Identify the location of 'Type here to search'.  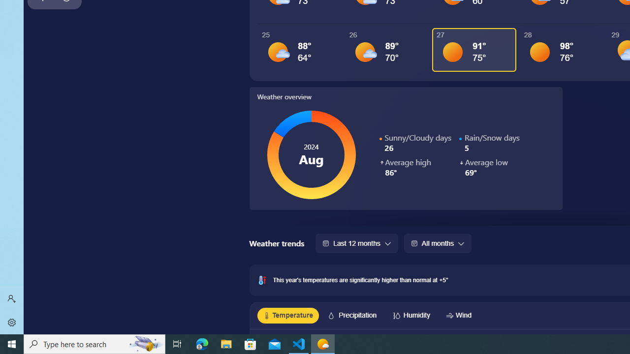
(94, 343).